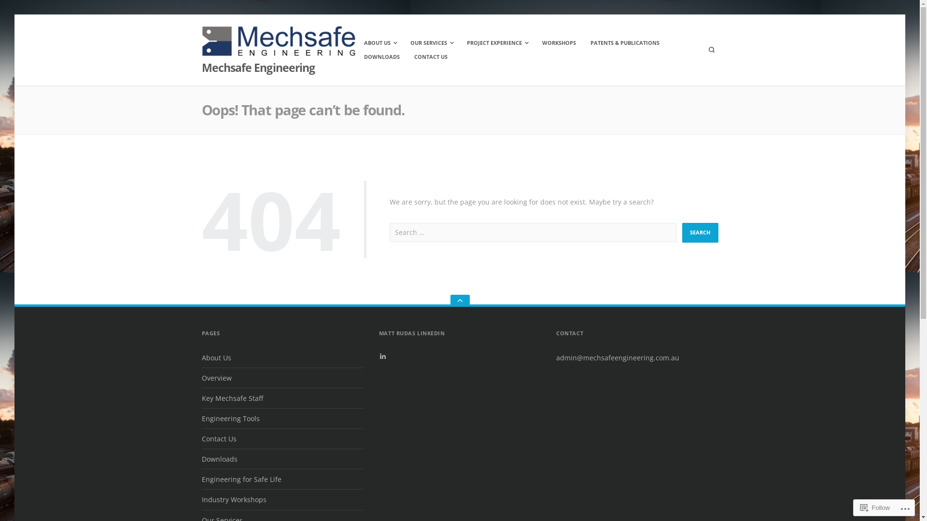  Describe the element at coordinates (379, 42) in the screenshot. I see `'ABOUT US'` at that location.